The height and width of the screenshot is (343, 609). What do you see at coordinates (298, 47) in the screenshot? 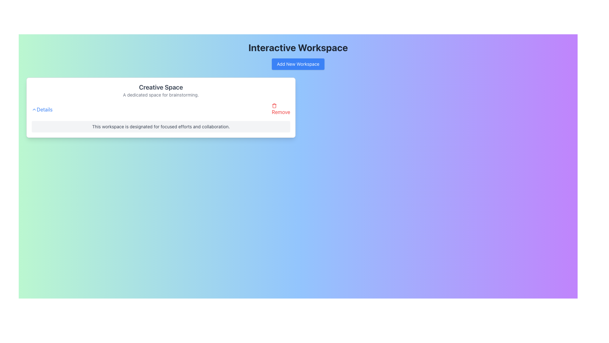
I see `the static text header located at the top of the page, which is horizontally centered and sits above the 'Add New Workspace' button` at bounding box center [298, 47].